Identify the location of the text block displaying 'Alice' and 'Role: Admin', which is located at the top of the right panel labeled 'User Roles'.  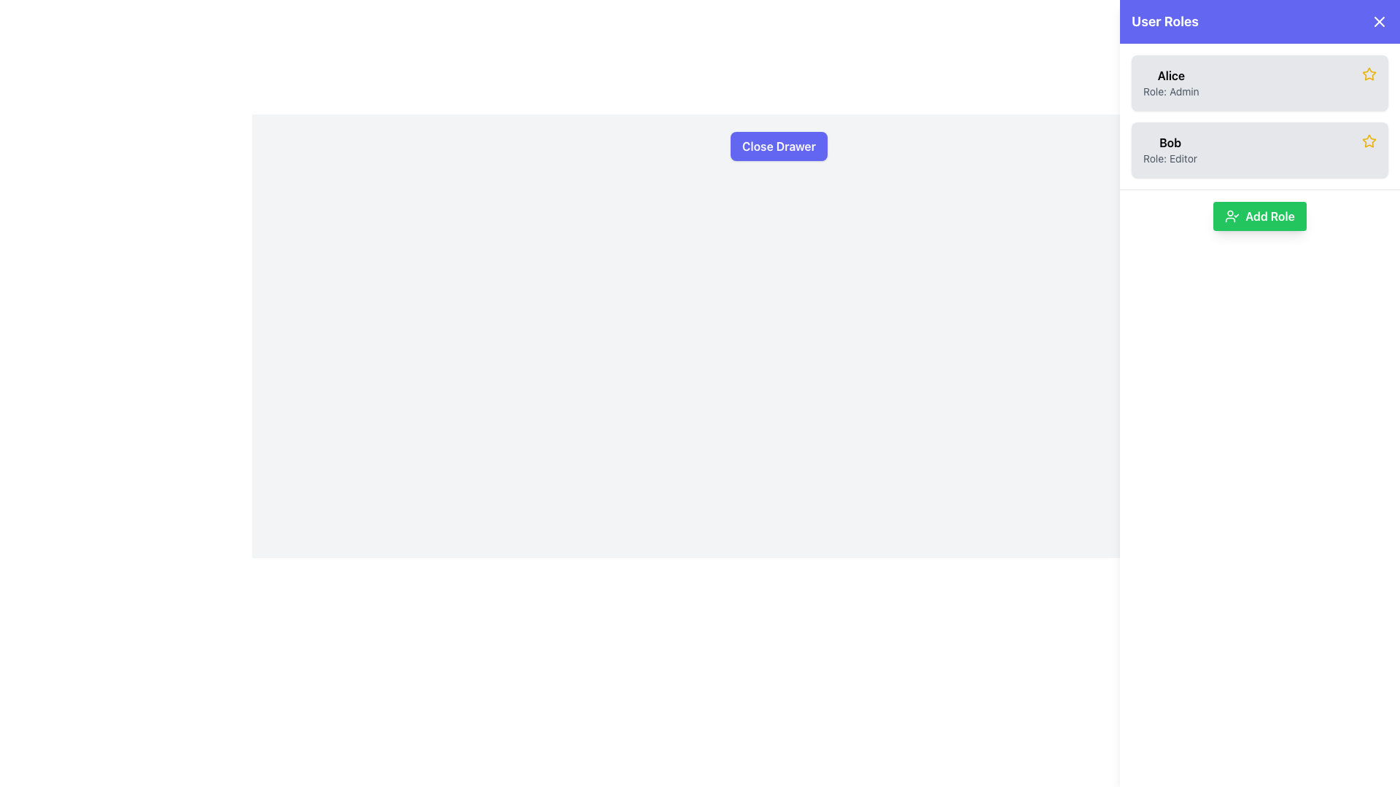
(1171, 83).